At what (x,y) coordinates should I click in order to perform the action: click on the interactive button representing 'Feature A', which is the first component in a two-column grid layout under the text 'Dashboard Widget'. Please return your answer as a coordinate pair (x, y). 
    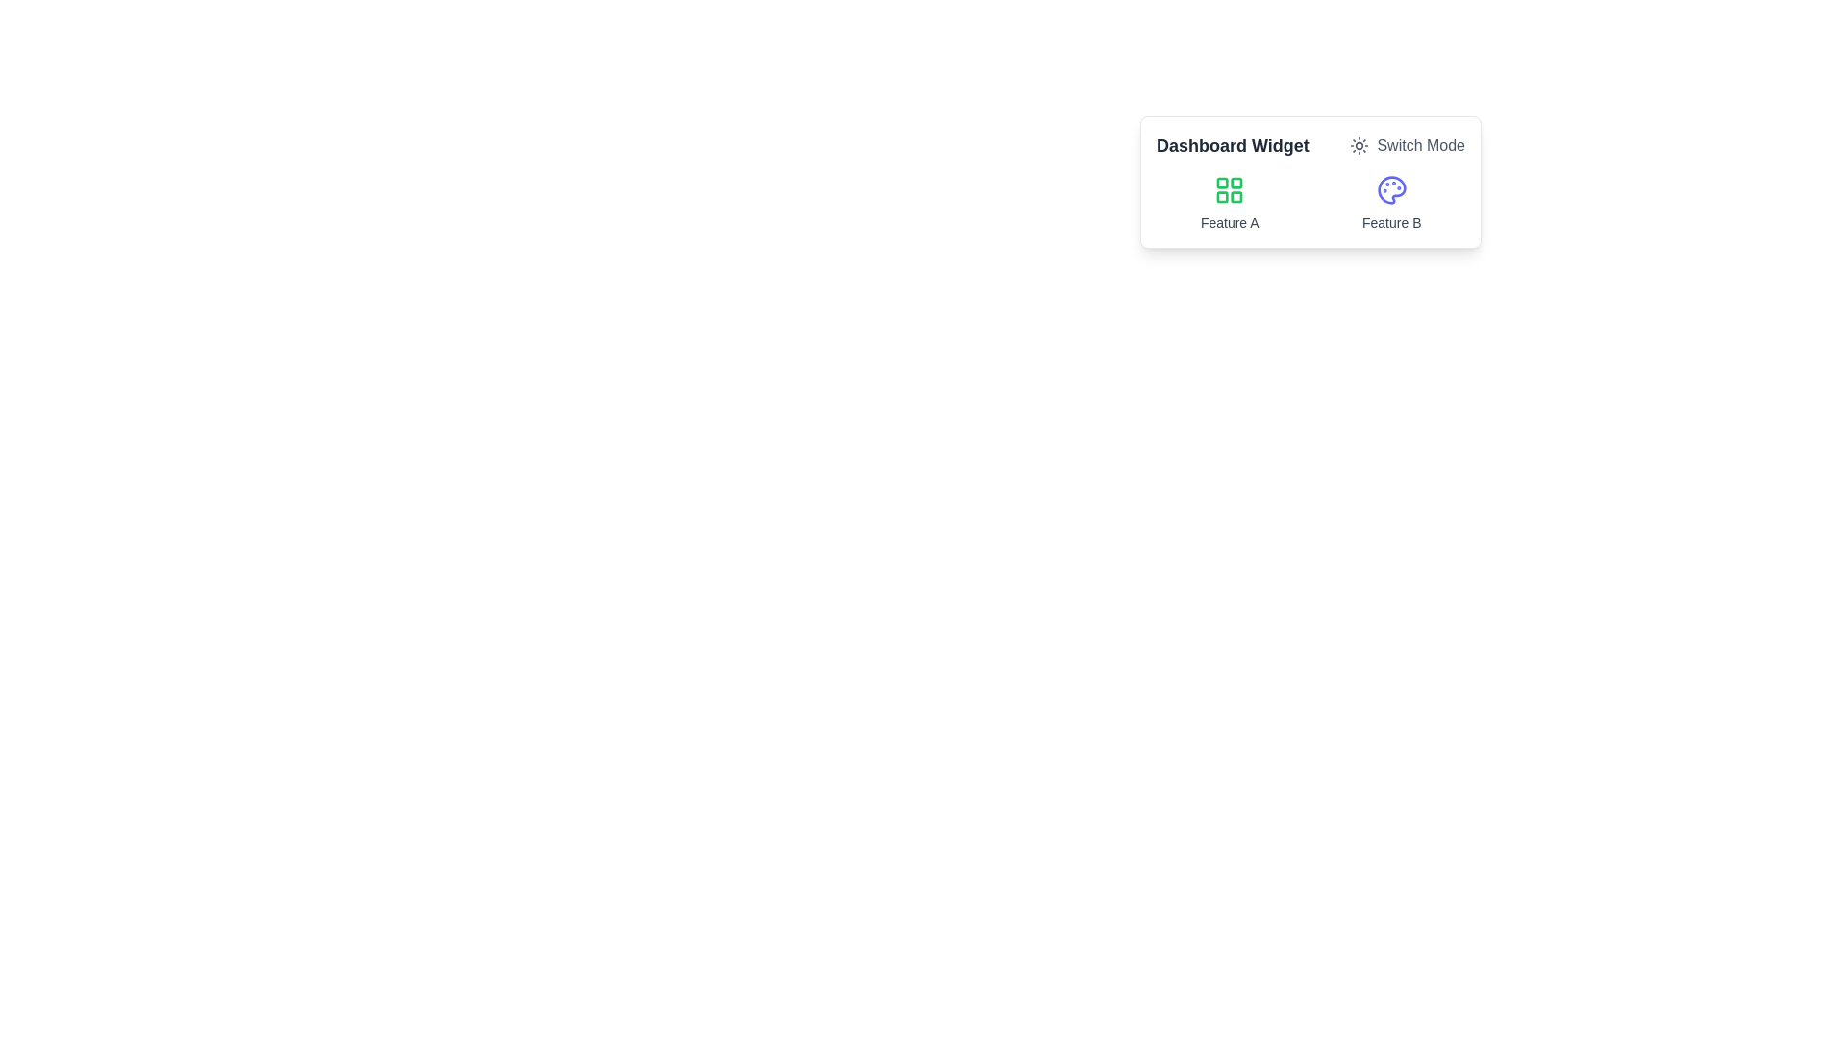
    Looking at the image, I should click on (1229, 204).